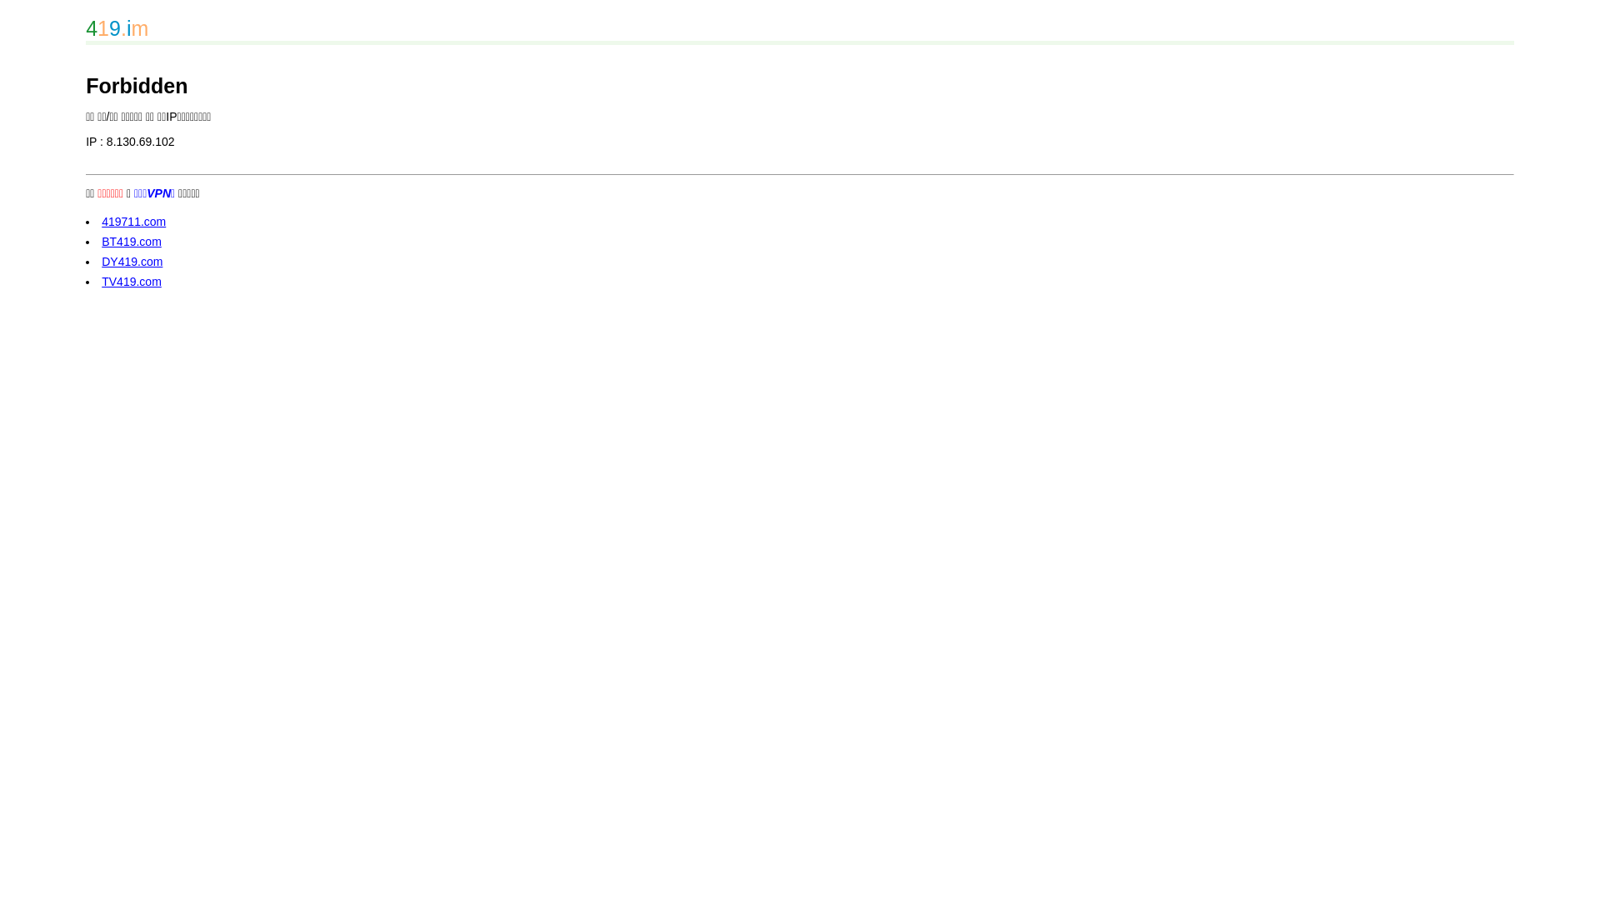 The height and width of the screenshot is (900, 1600). What do you see at coordinates (131, 261) in the screenshot?
I see `'DY419.com'` at bounding box center [131, 261].